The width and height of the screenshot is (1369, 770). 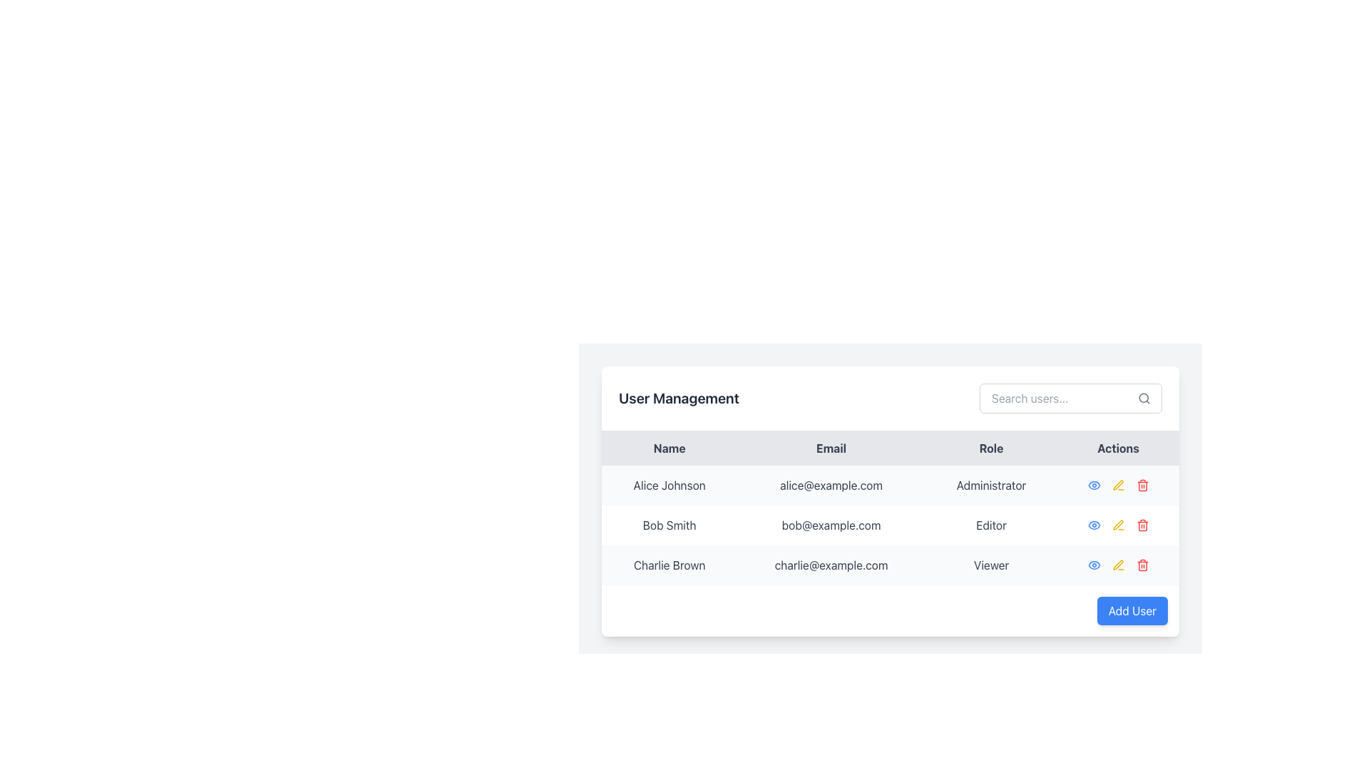 What do you see at coordinates (669, 565) in the screenshot?
I see `the text label displaying 'Charlie Brown' located in the last row under the 'User Management' header` at bounding box center [669, 565].